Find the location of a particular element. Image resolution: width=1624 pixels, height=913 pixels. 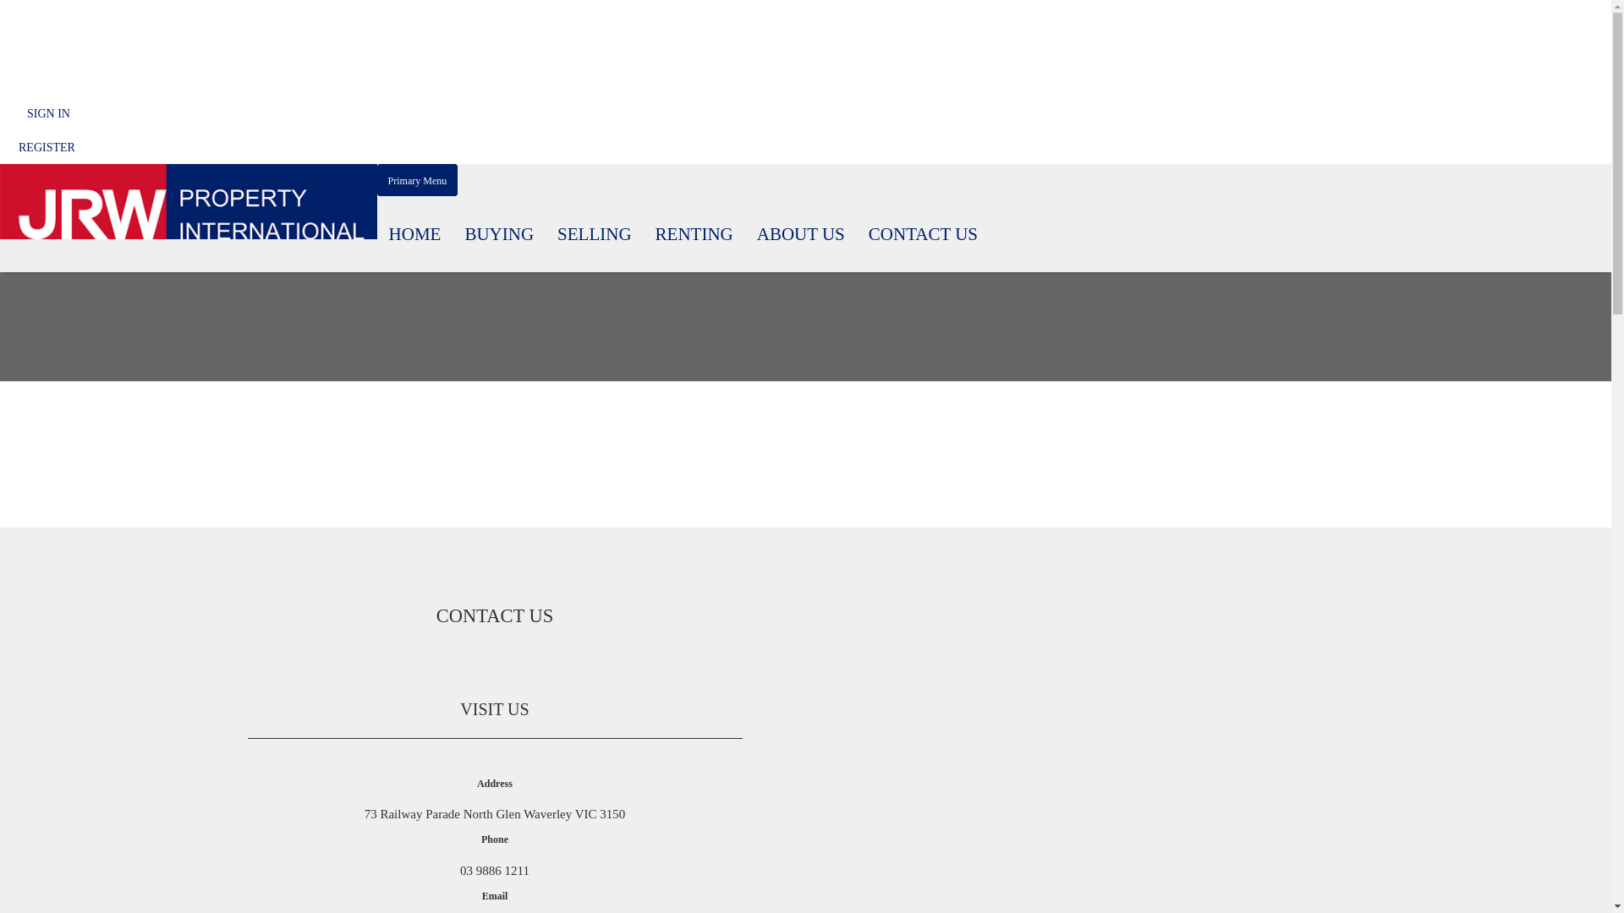

'03 9886 1211' is located at coordinates (494, 870).